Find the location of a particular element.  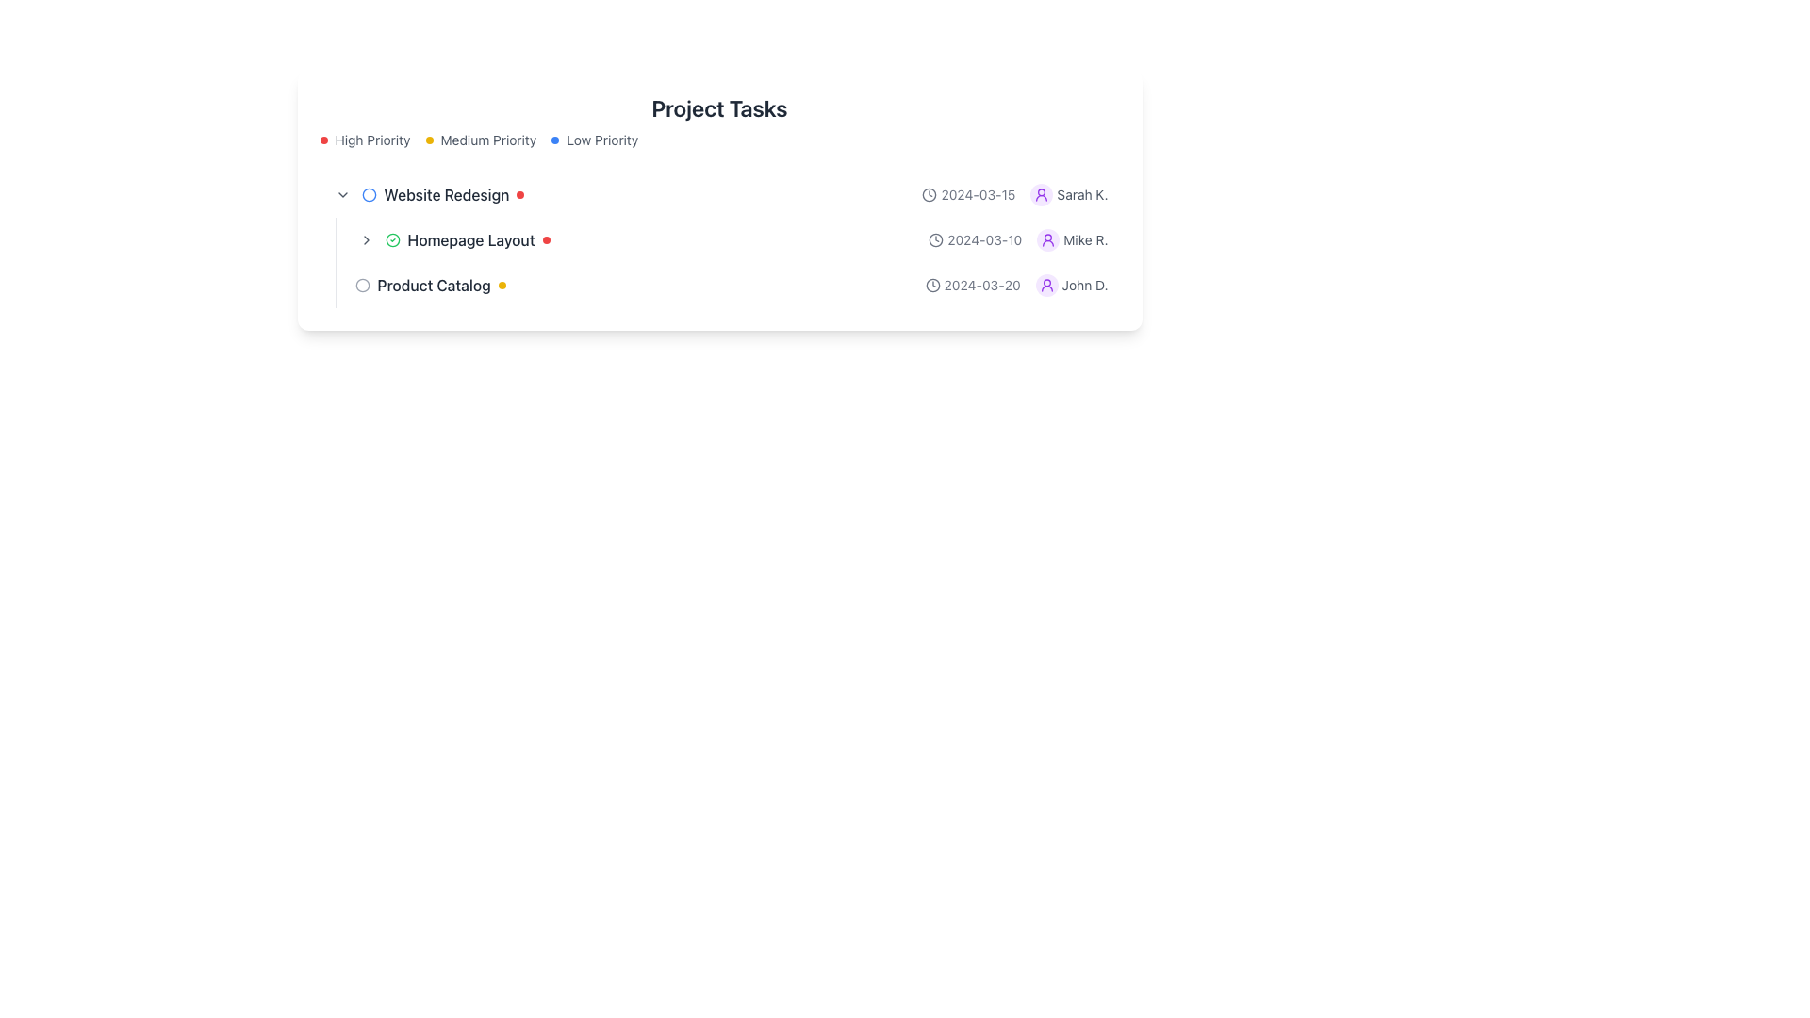

the visual indicator icon that signals the completion of the 'Homepage Layout' task, located to the left of its label is located at coordinates (391, 238).